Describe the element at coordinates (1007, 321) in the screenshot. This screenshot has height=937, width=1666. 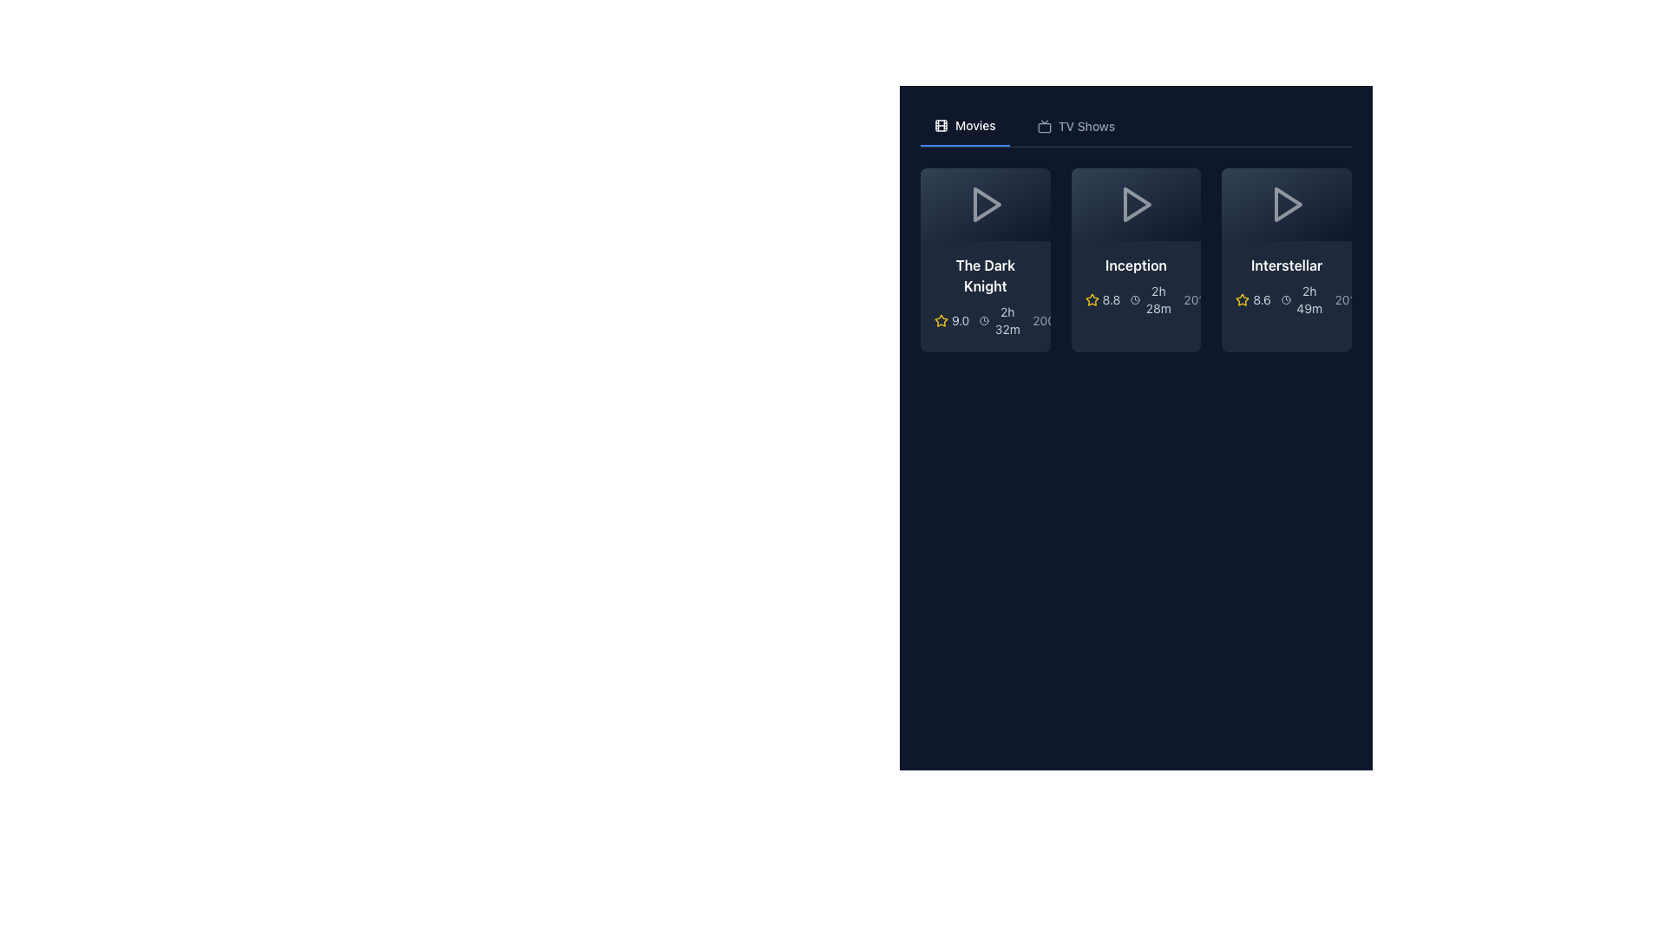
I see `the text label displaying '2h 32m', which is located beneath the film rating and adjacent to a clock icon in the card titled 'The Dark Knight'` at that location.